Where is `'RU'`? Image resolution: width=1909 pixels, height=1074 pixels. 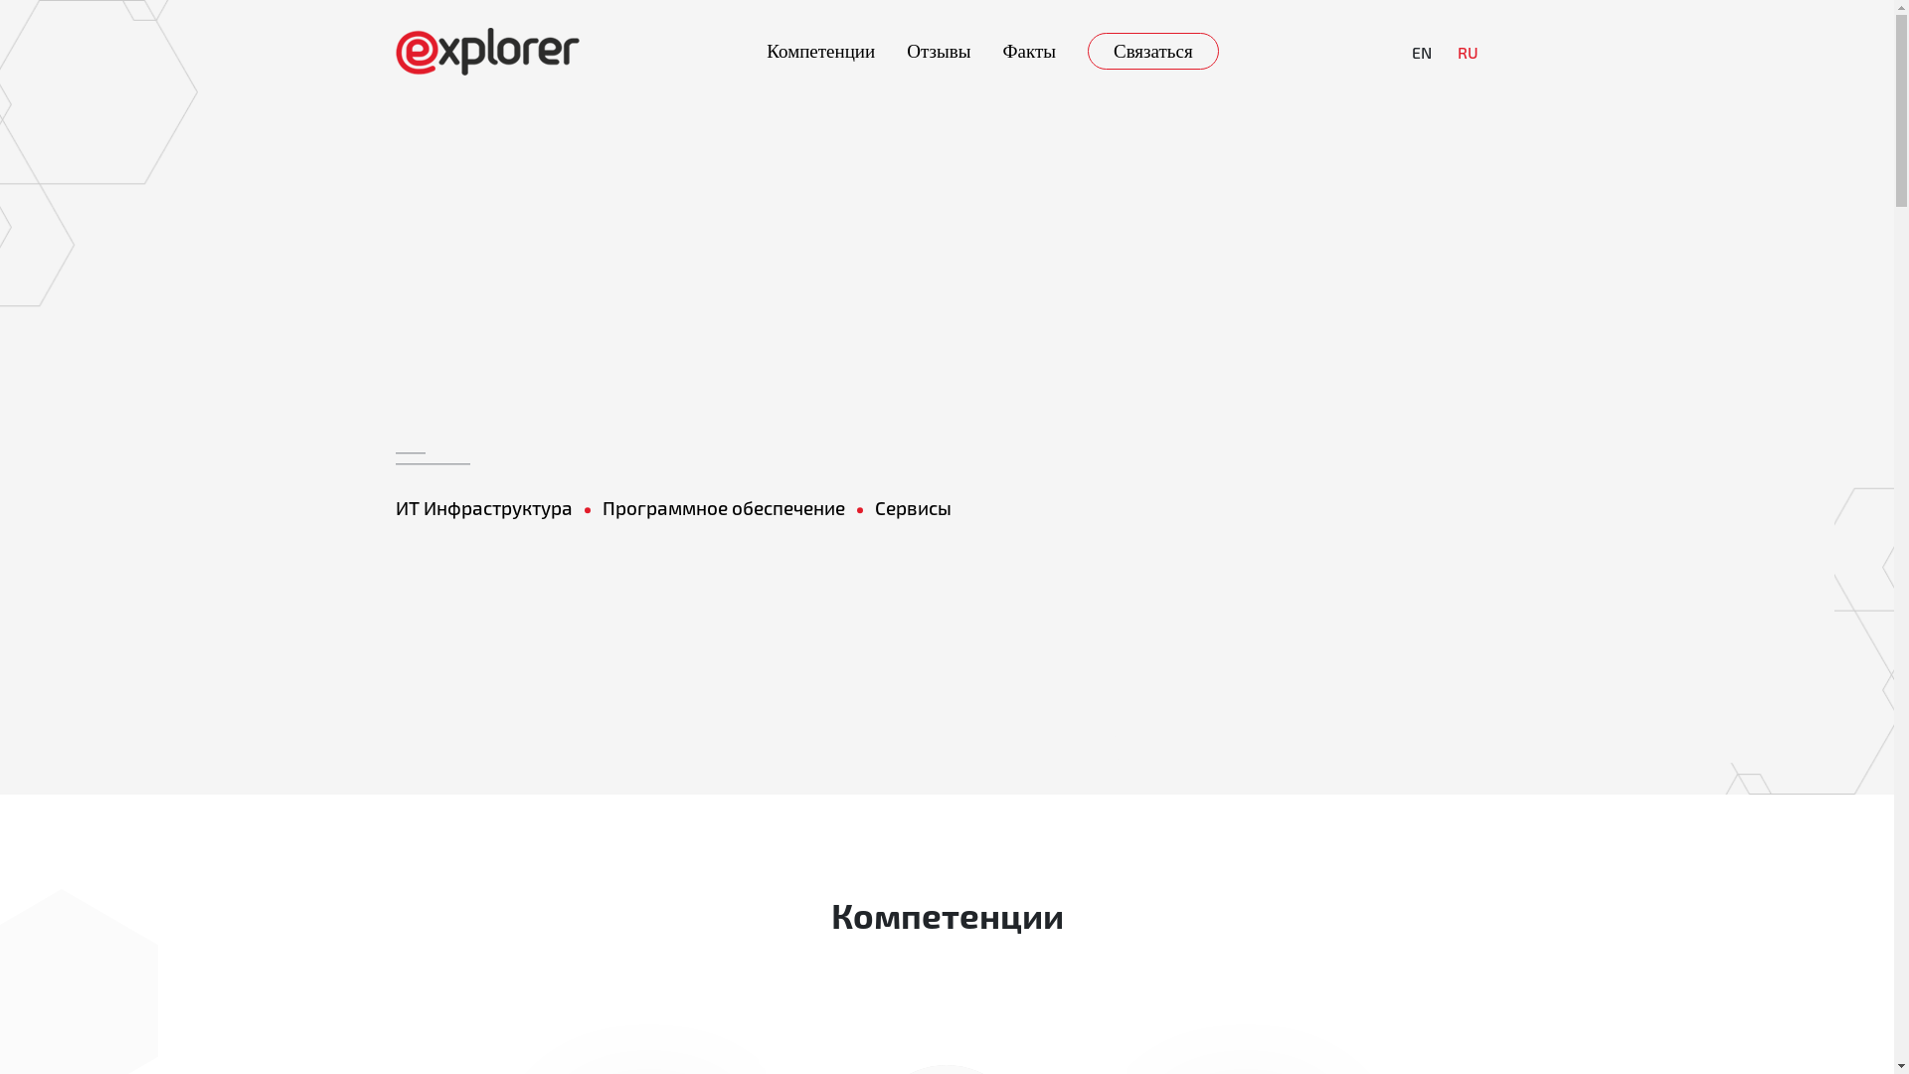 'RU' is located at coordinates (1467, 50).